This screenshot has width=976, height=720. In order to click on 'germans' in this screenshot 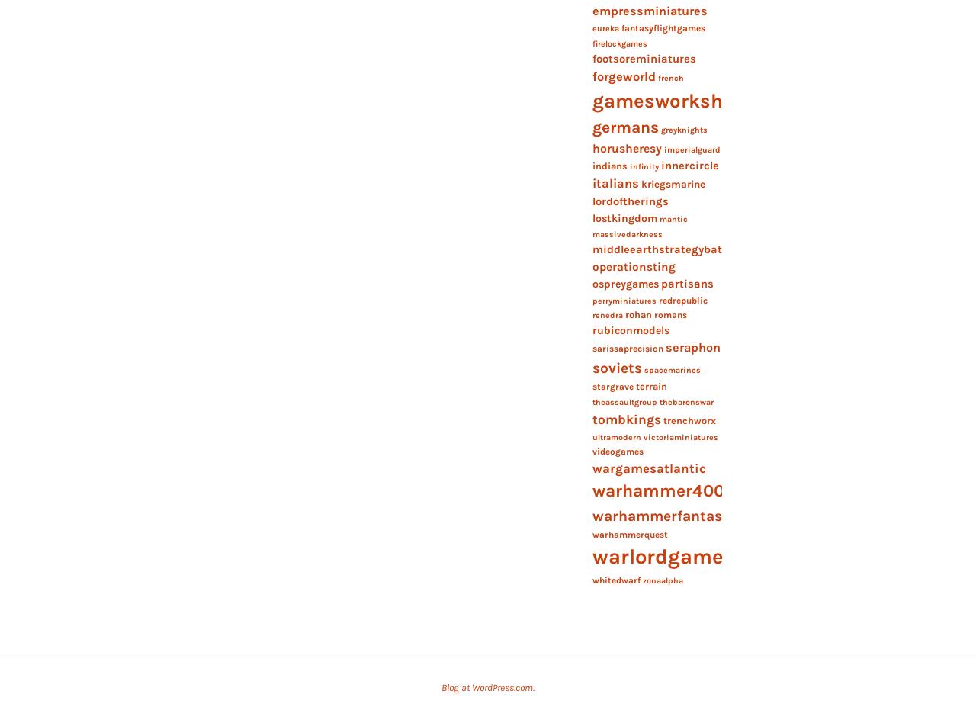, I will do `click(624, 126)`.